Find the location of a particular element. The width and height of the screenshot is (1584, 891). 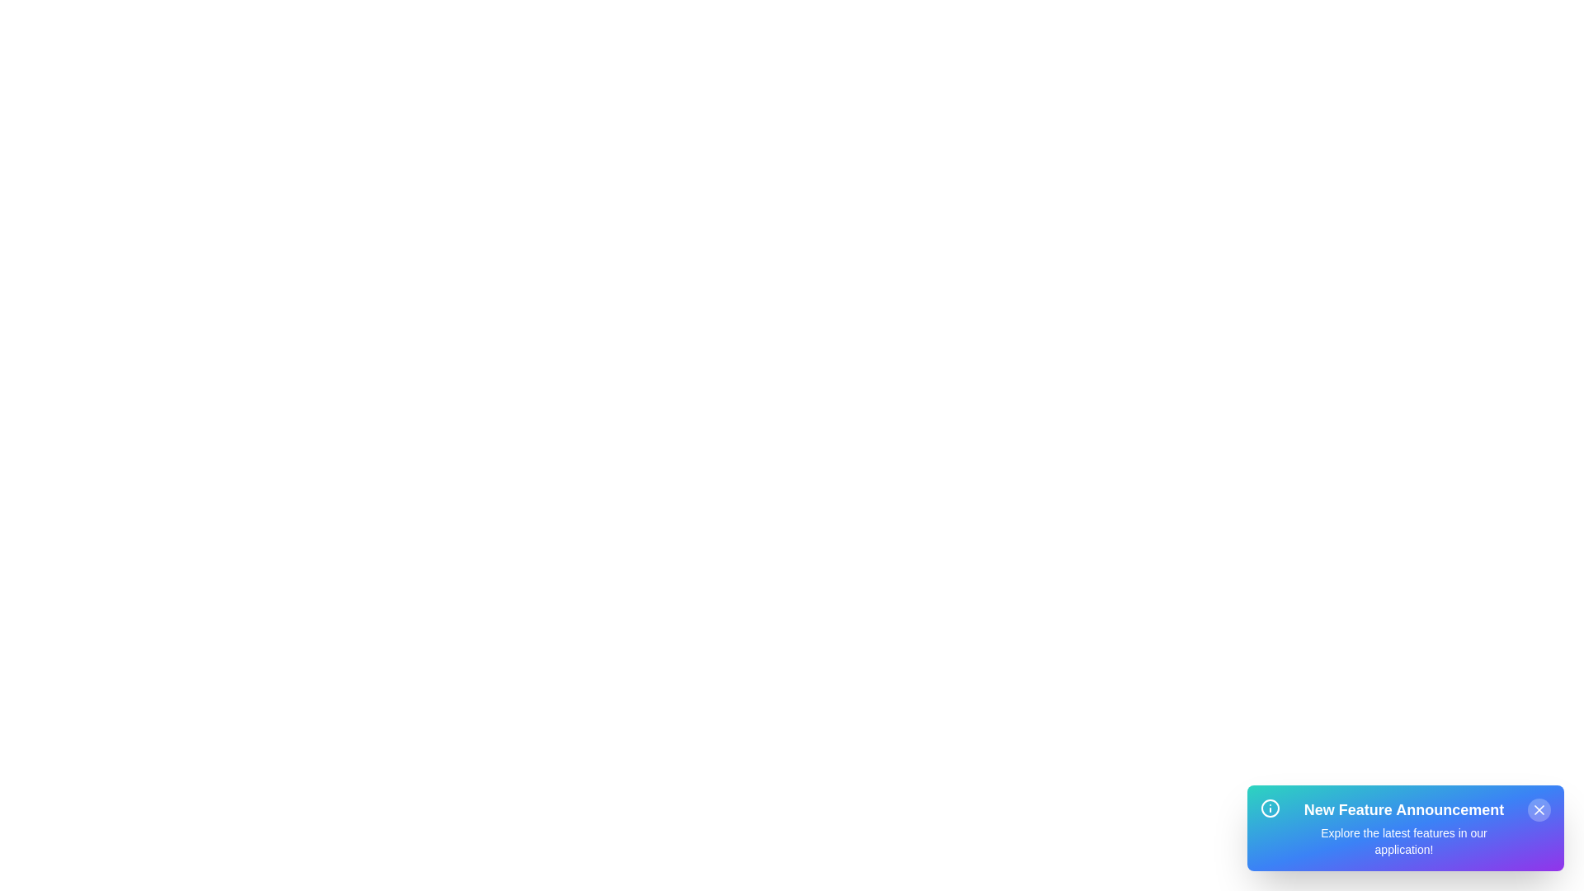

the information icon in the snackbar to trigger its associated action is located at coordinates (1270, 807).